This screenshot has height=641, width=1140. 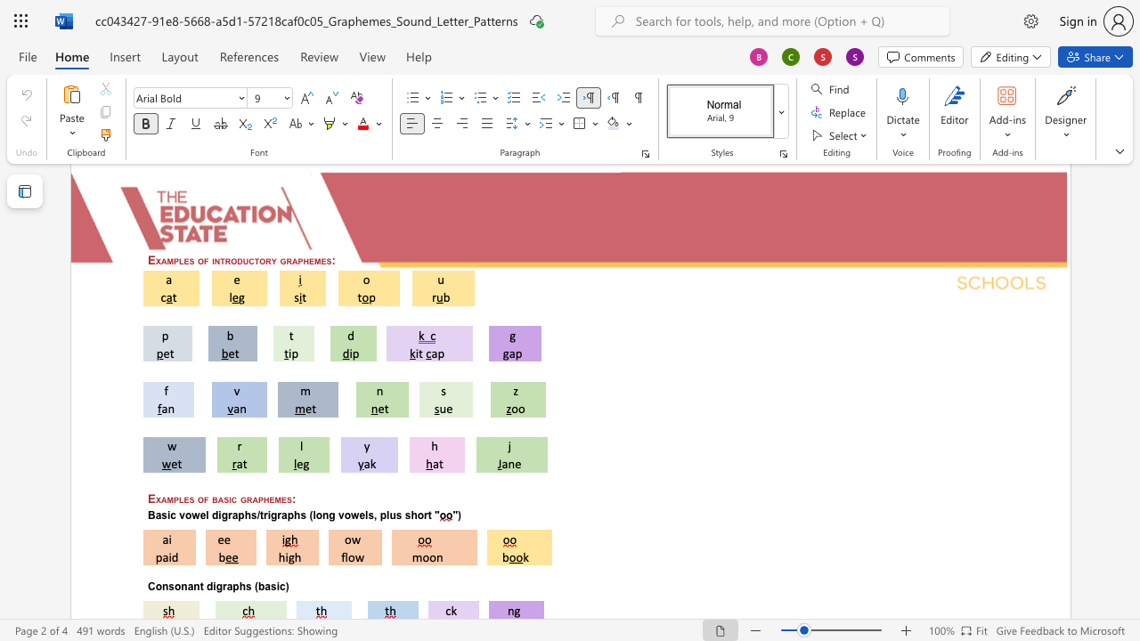 I want to click on the space between the continuous character "n" and "a" in the text, so click(x=187, y=587).